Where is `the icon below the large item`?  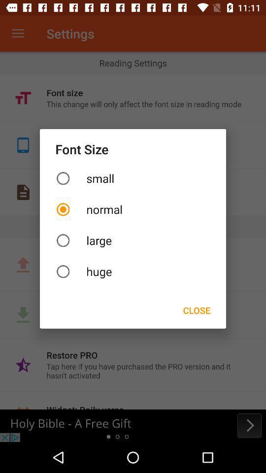 the icon below the large item is located at coordinates (133, 271).